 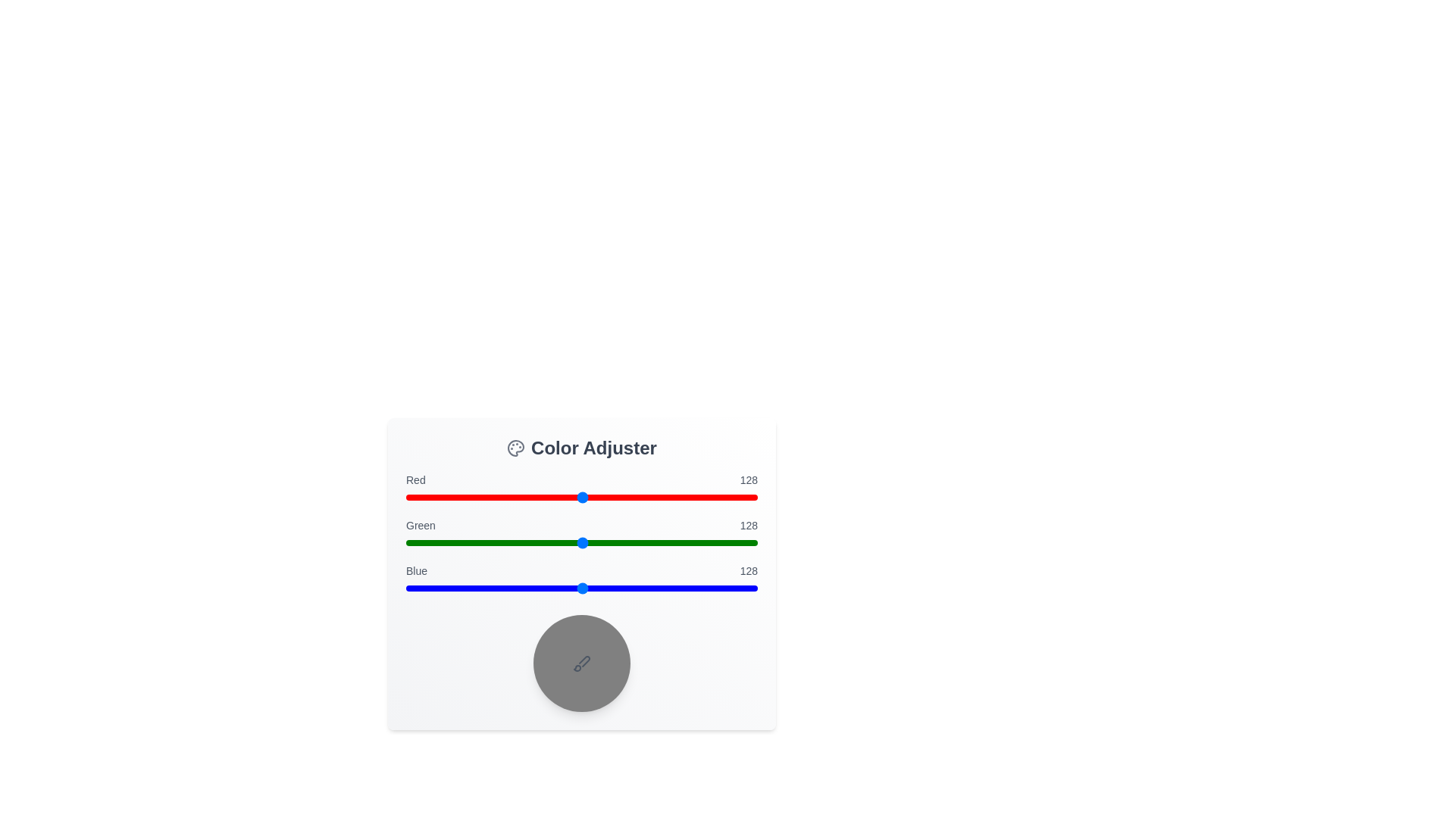 I want to click on the blue slider to set its value to 51, so click(x=475, y=587).